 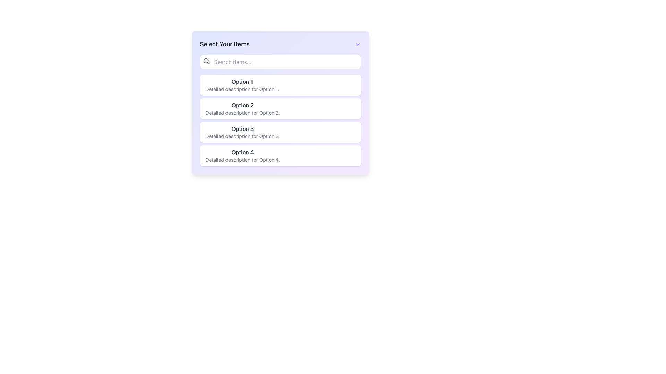 What do you see at coordinates (357, 44) in the screenshot?
I see `the Dropdown indicator button located in the top-right corner of the interface, aligned with the title 'Select Your Items'` at bounding box center [357, 44].